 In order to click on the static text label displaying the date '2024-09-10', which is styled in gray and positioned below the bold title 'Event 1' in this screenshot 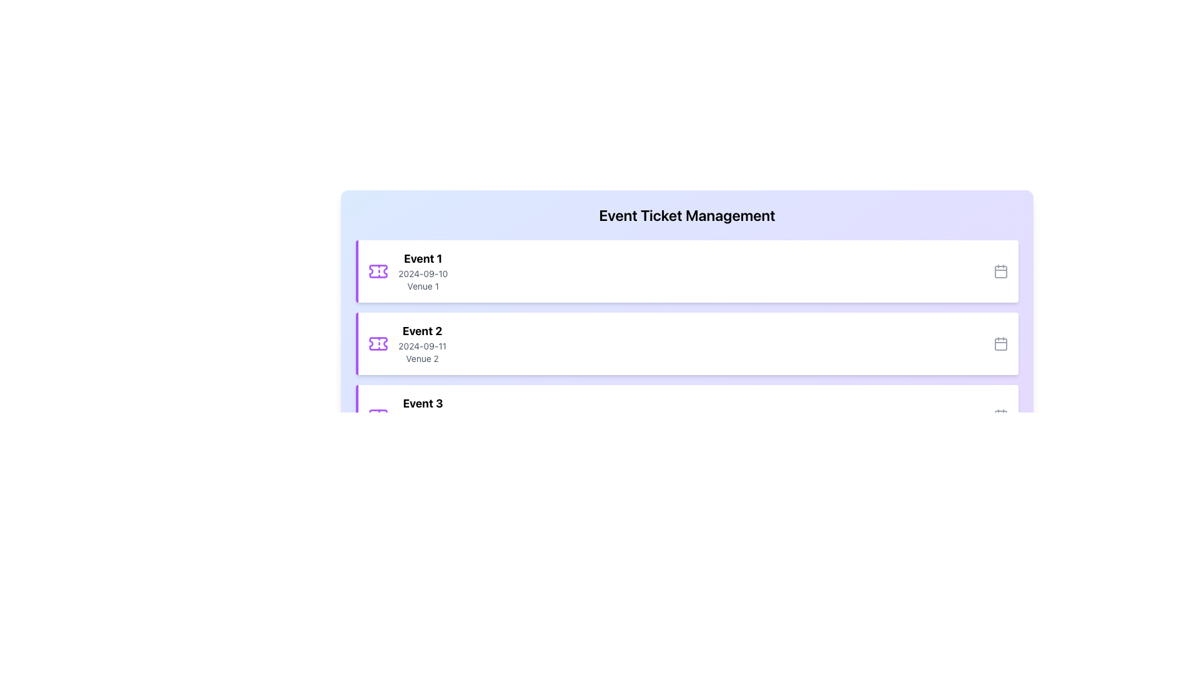, I will do `click(423, 273)`.